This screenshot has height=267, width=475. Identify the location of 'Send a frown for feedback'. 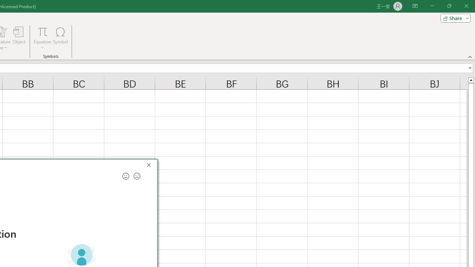
(137, 176).